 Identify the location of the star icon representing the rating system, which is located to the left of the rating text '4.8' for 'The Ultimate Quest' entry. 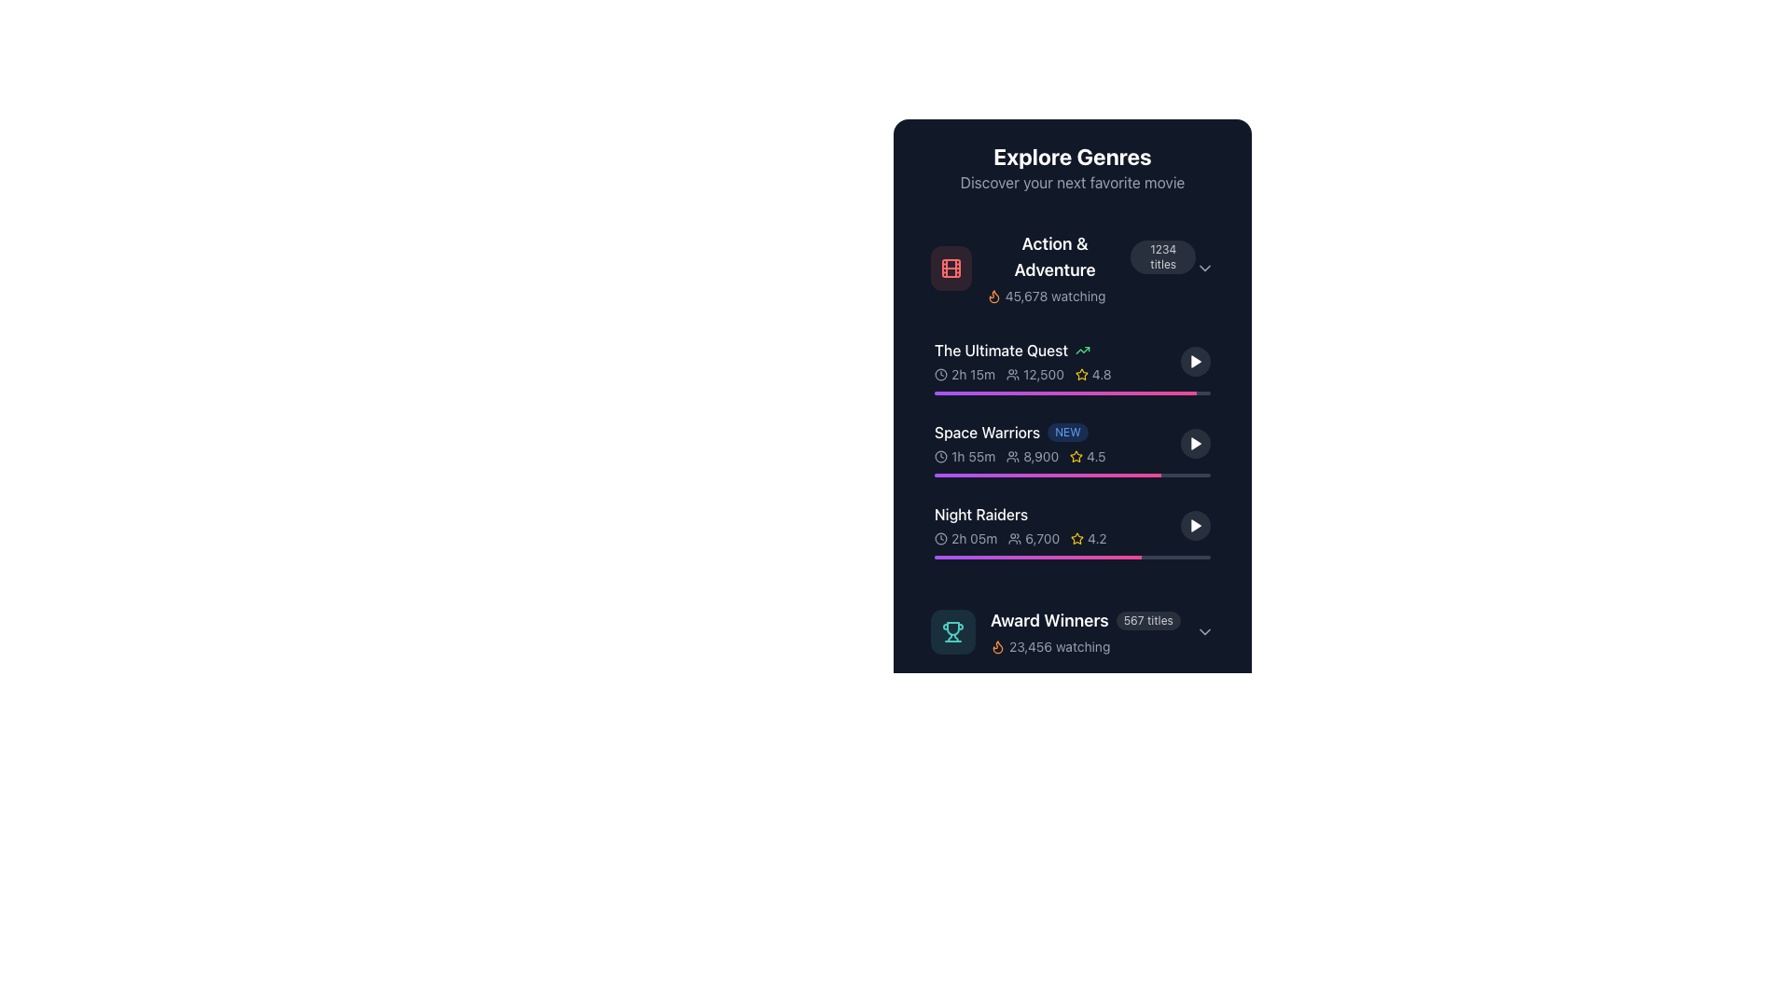
(1081, 374).